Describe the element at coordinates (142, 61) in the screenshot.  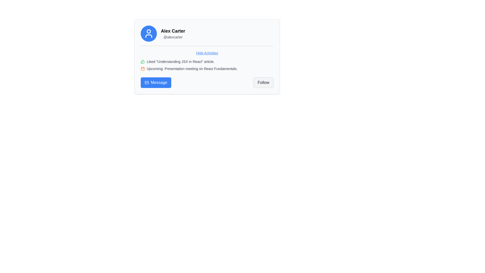
I see `the 'thumbs-up' icon representing the 'like' action next to the text 'Liked Understanding JSX in React article' in the activity section under the user profile` at that location.